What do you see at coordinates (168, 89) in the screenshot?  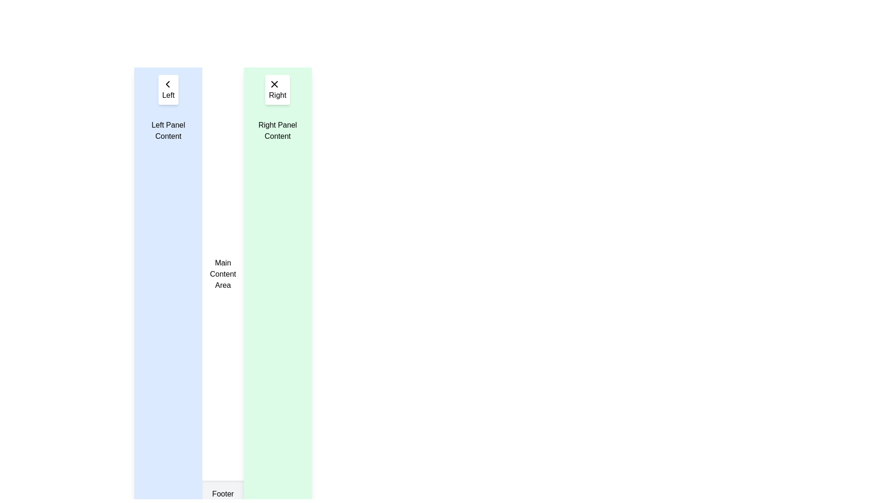 I see `the rectangular button labeled 'Left' with a left-pointing arrow icon, located` at bounding box center [168, 89].